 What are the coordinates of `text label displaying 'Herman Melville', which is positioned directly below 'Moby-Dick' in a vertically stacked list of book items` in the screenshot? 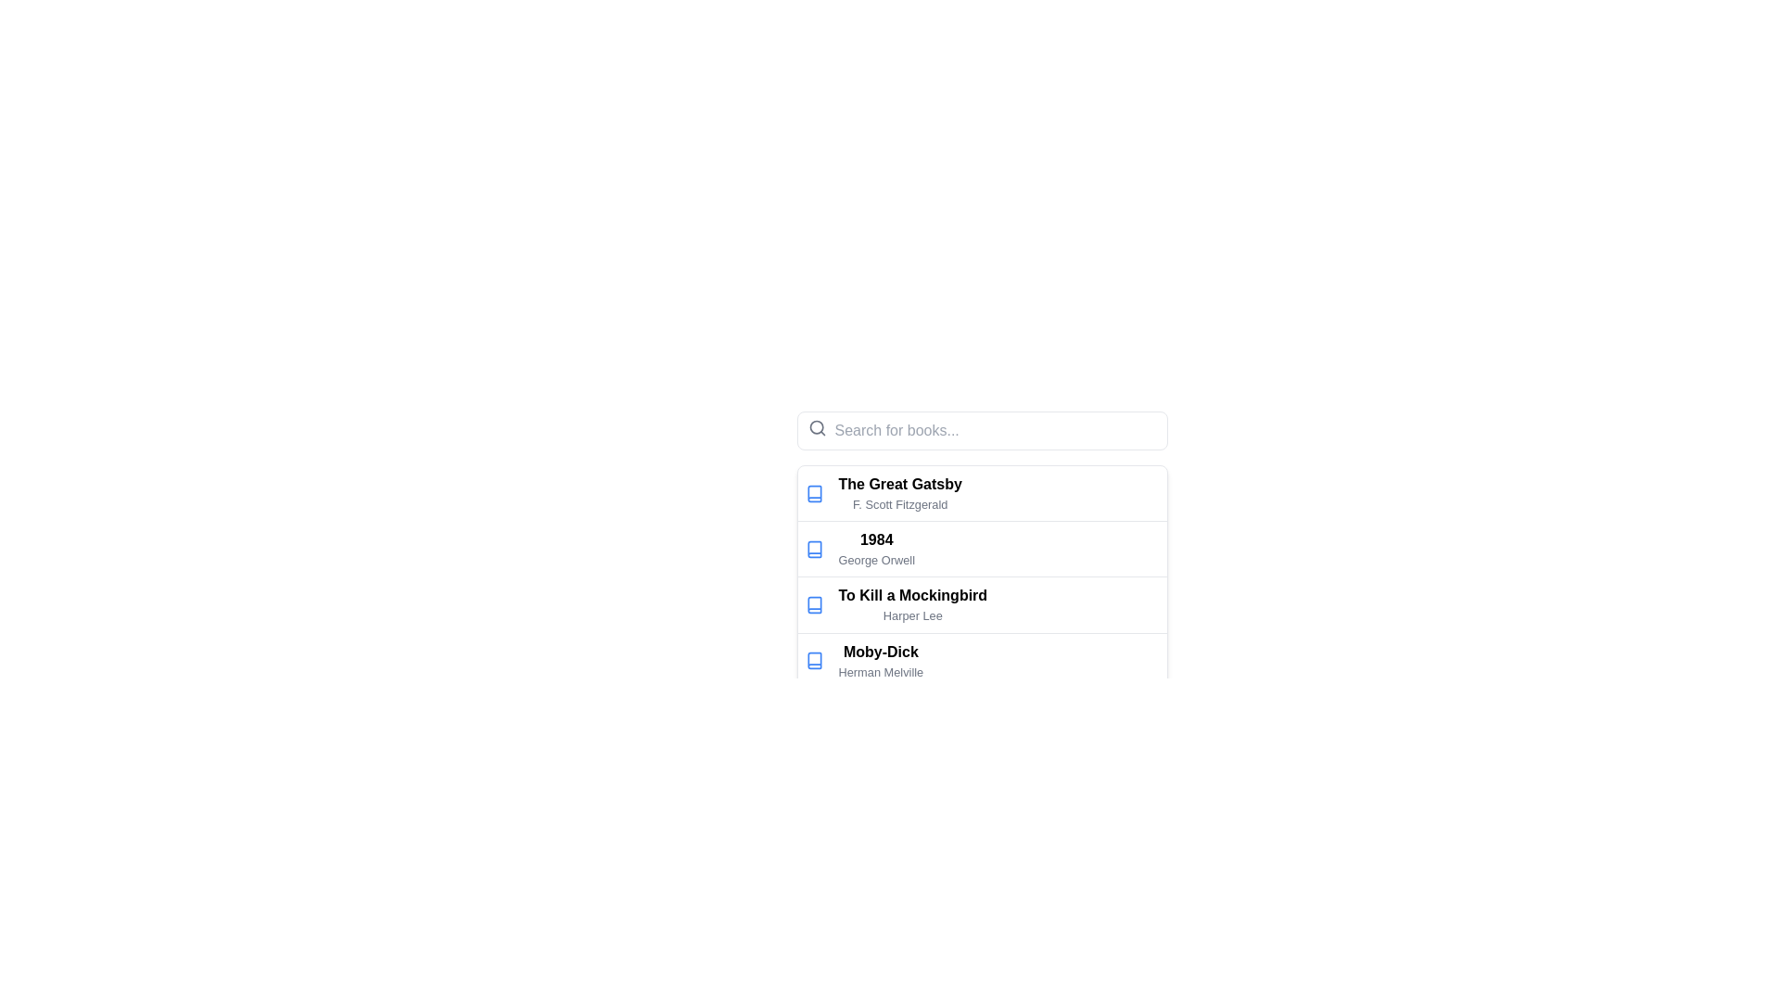 It's located at (880, 672).